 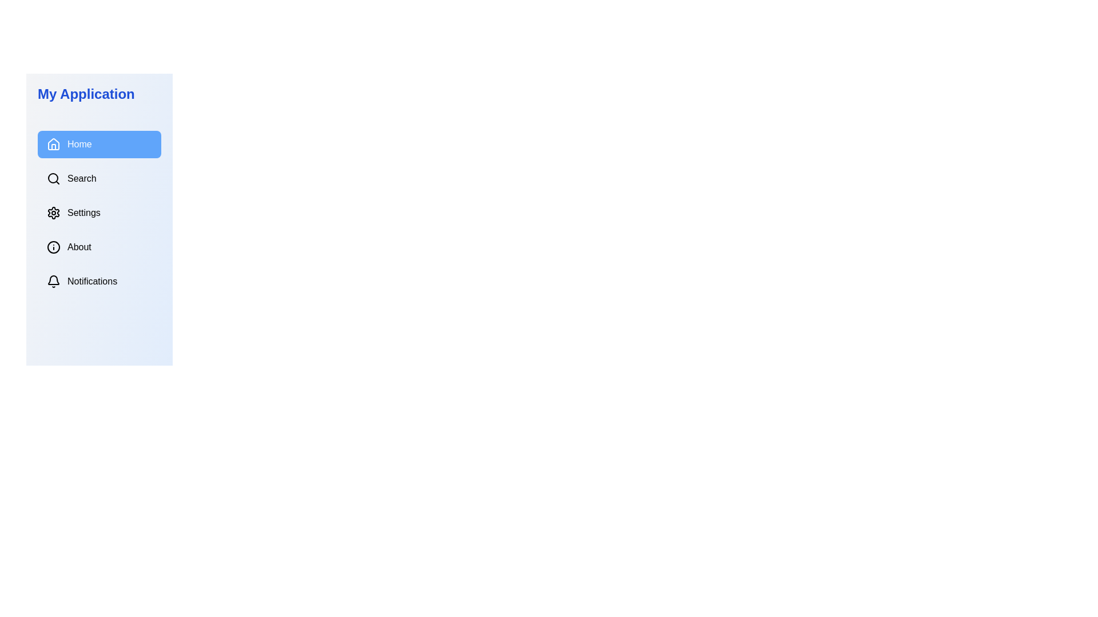 I want to click on the 'Notifications' icon located in the left sidebar, which is the fifth item in the list, to check for new alerts or updates, so click(x=53, y=282).